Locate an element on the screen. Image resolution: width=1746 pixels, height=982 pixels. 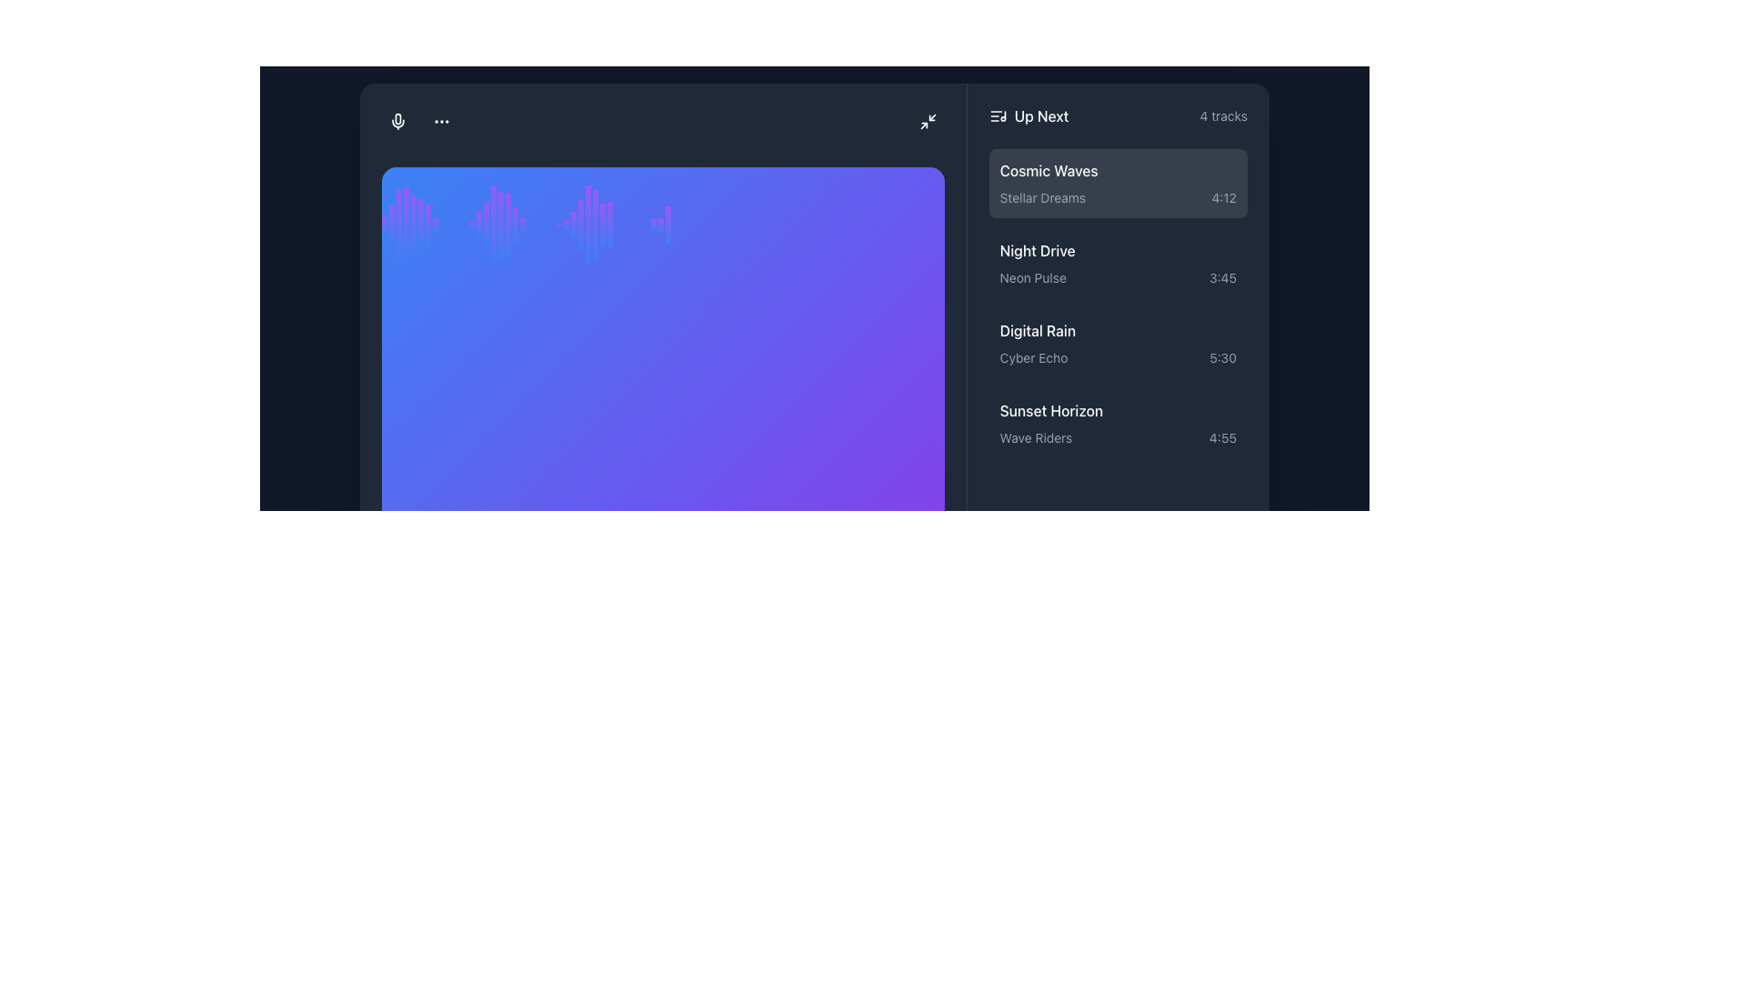
the central bar in the graphical representation of data, which is part of a sequence of vertical bars in the chart is located at coordinates (588, 223).